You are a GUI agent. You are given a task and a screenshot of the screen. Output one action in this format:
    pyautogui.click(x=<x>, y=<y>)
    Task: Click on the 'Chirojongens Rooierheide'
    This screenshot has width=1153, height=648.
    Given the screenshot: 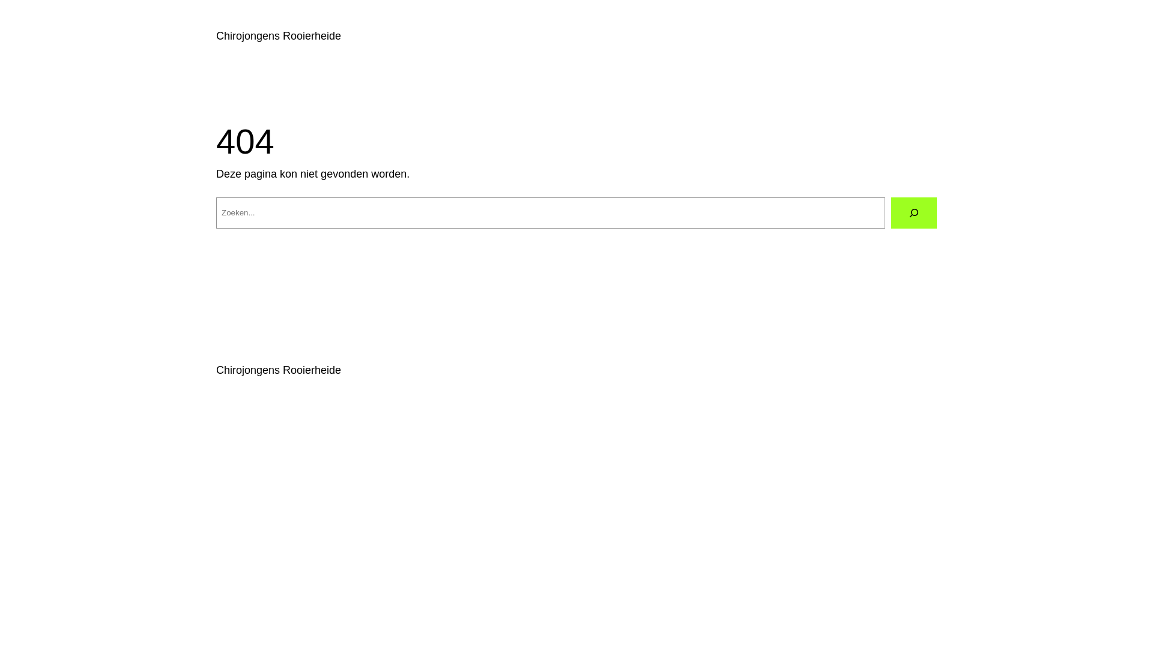 What is the action you would take?
    pyautogui.click(x=278, y=35)
    